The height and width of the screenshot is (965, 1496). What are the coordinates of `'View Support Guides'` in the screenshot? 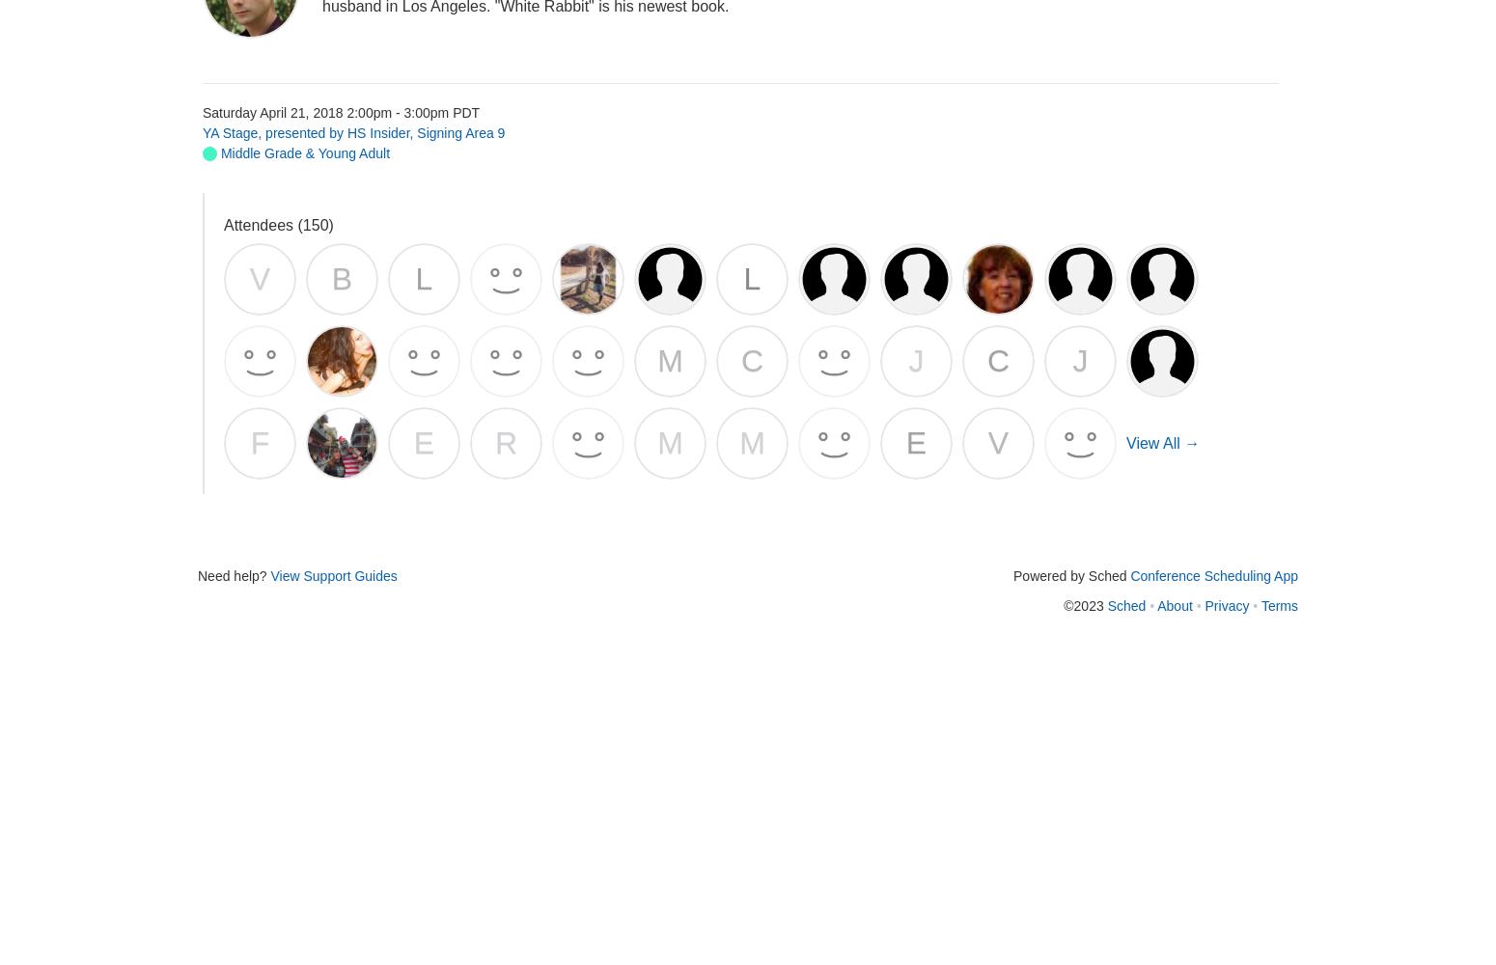 It's located at (332, 575).